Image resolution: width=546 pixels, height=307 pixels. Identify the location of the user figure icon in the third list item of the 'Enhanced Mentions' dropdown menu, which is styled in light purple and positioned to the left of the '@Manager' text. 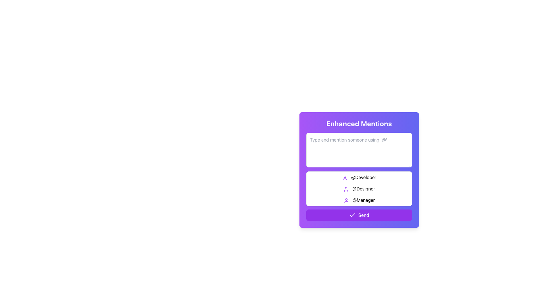
(346, 200).